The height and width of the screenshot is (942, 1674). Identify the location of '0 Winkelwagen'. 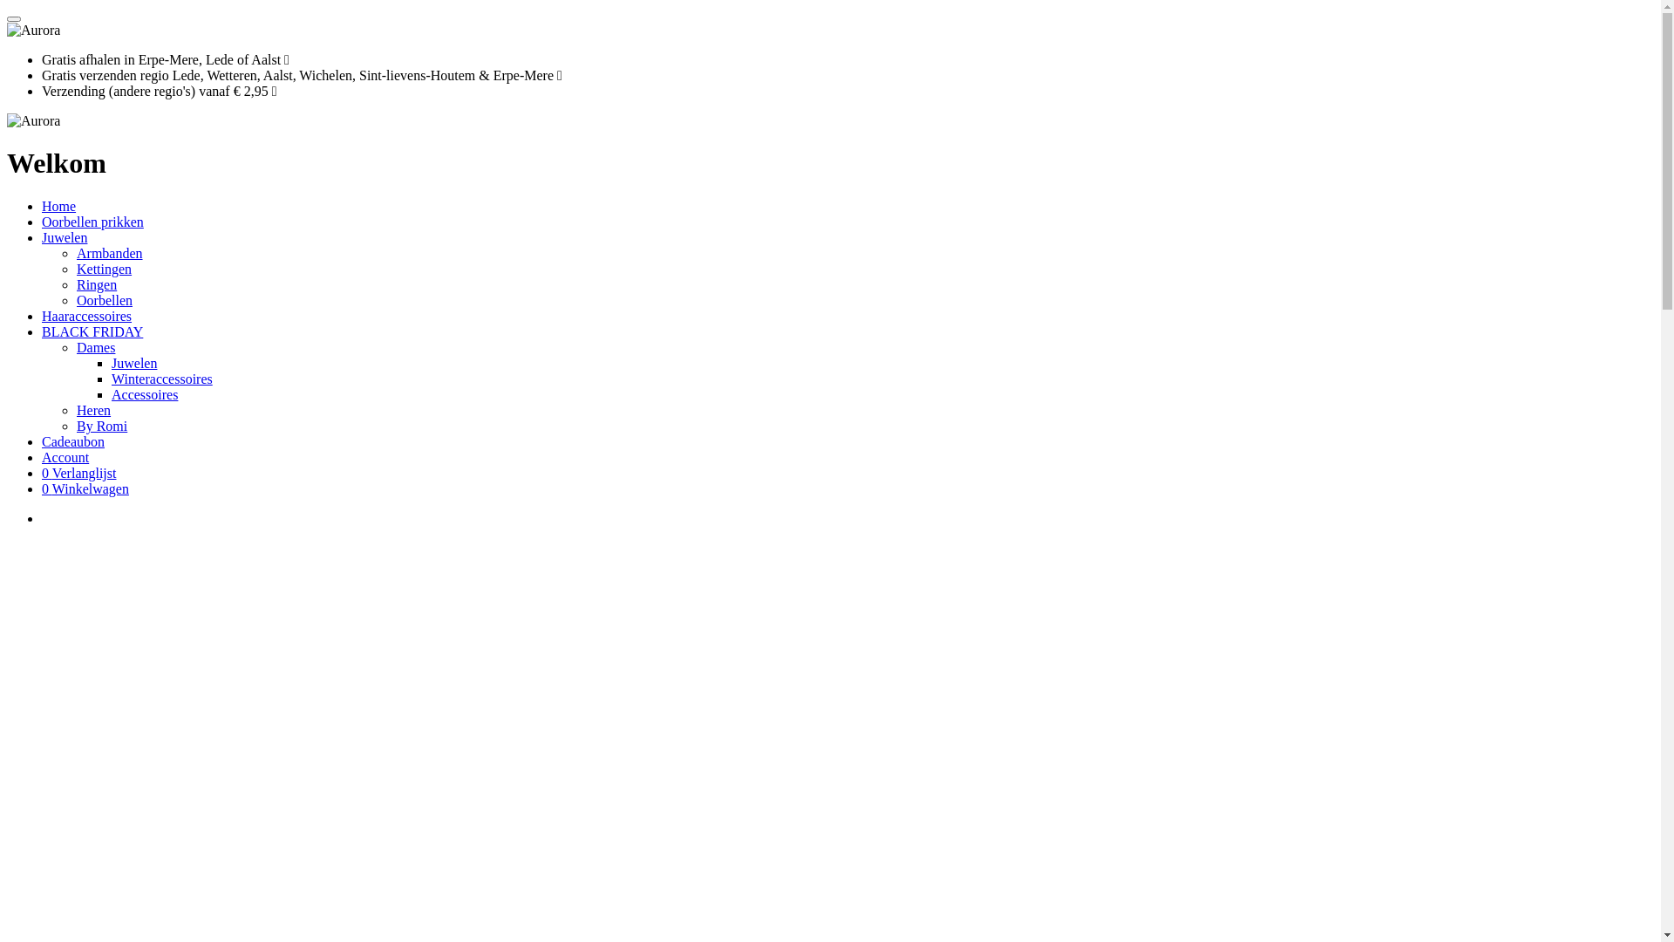
(84, 488).